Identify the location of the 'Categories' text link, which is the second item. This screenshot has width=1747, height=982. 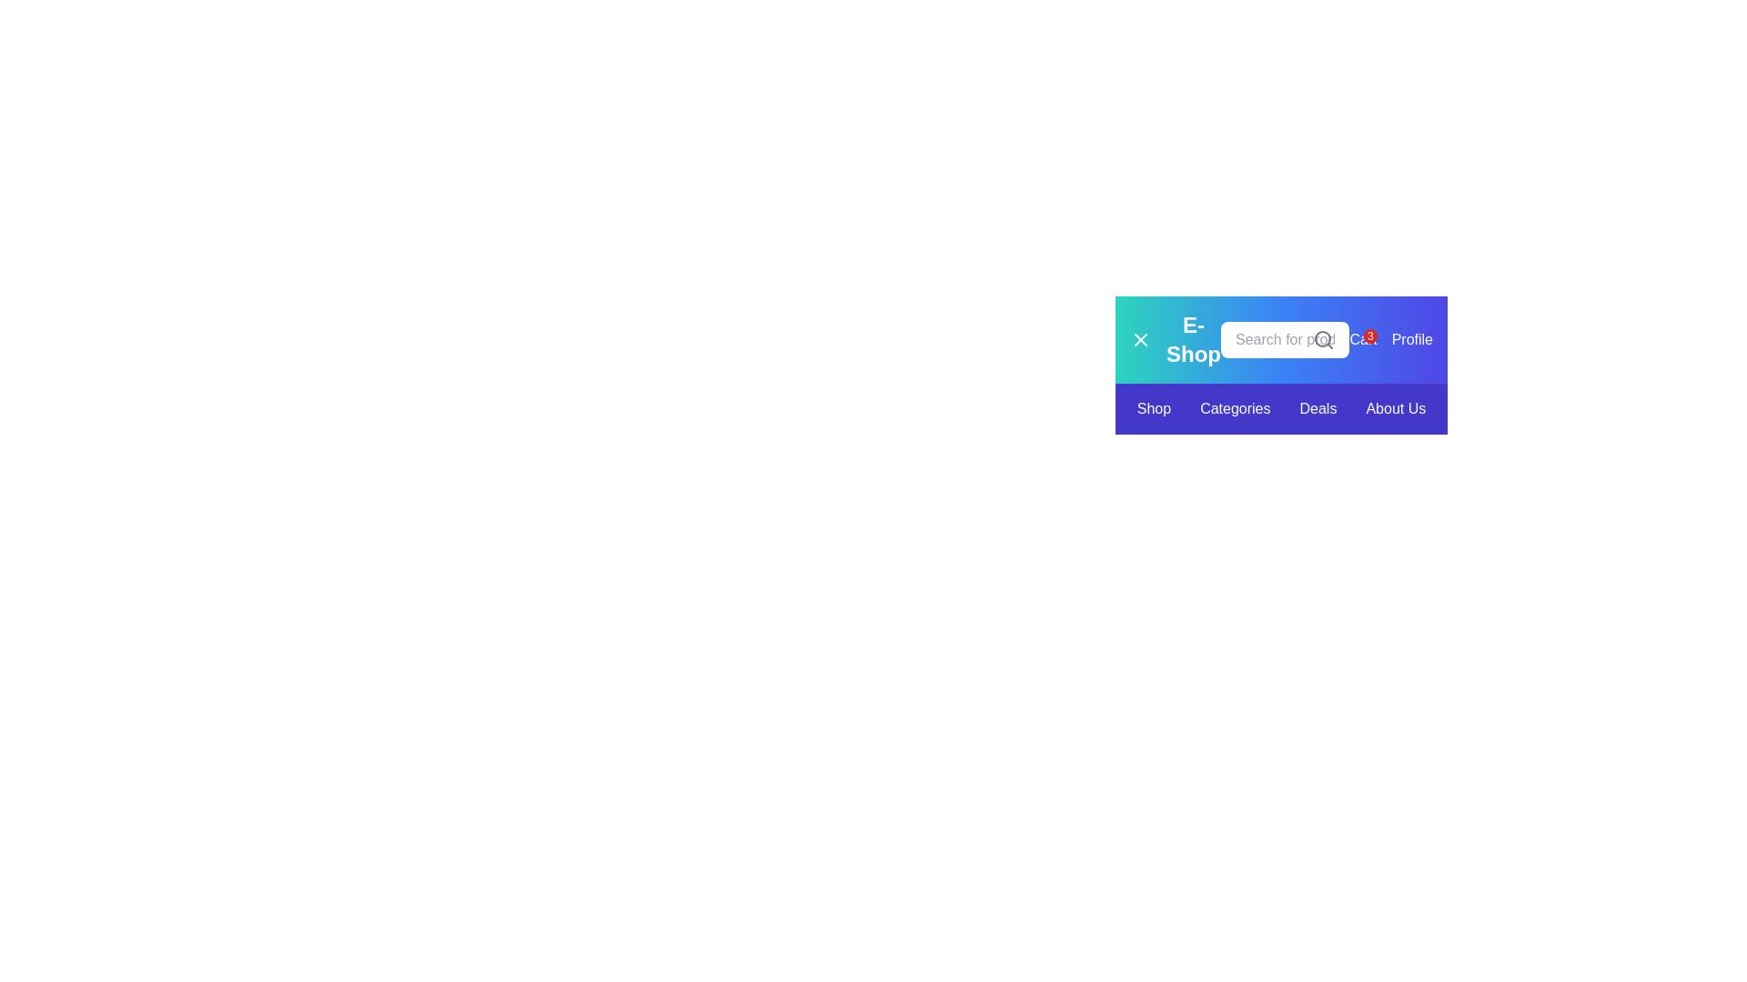
(1235, 409).